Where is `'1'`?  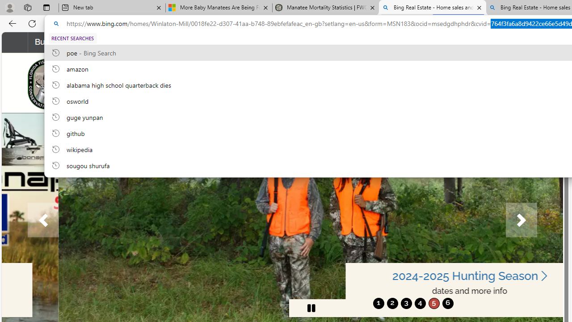
'1' is located at coordinates (379, 303).